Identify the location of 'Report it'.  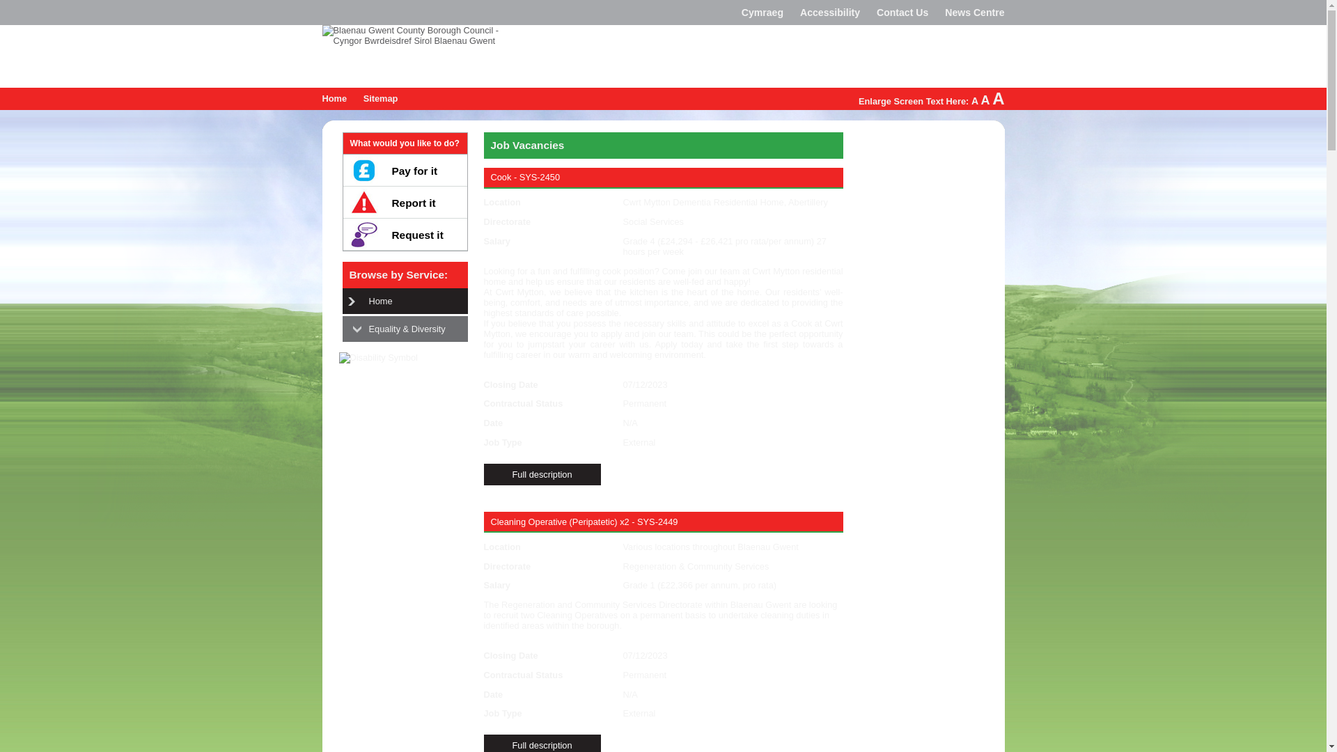
(403, 202).